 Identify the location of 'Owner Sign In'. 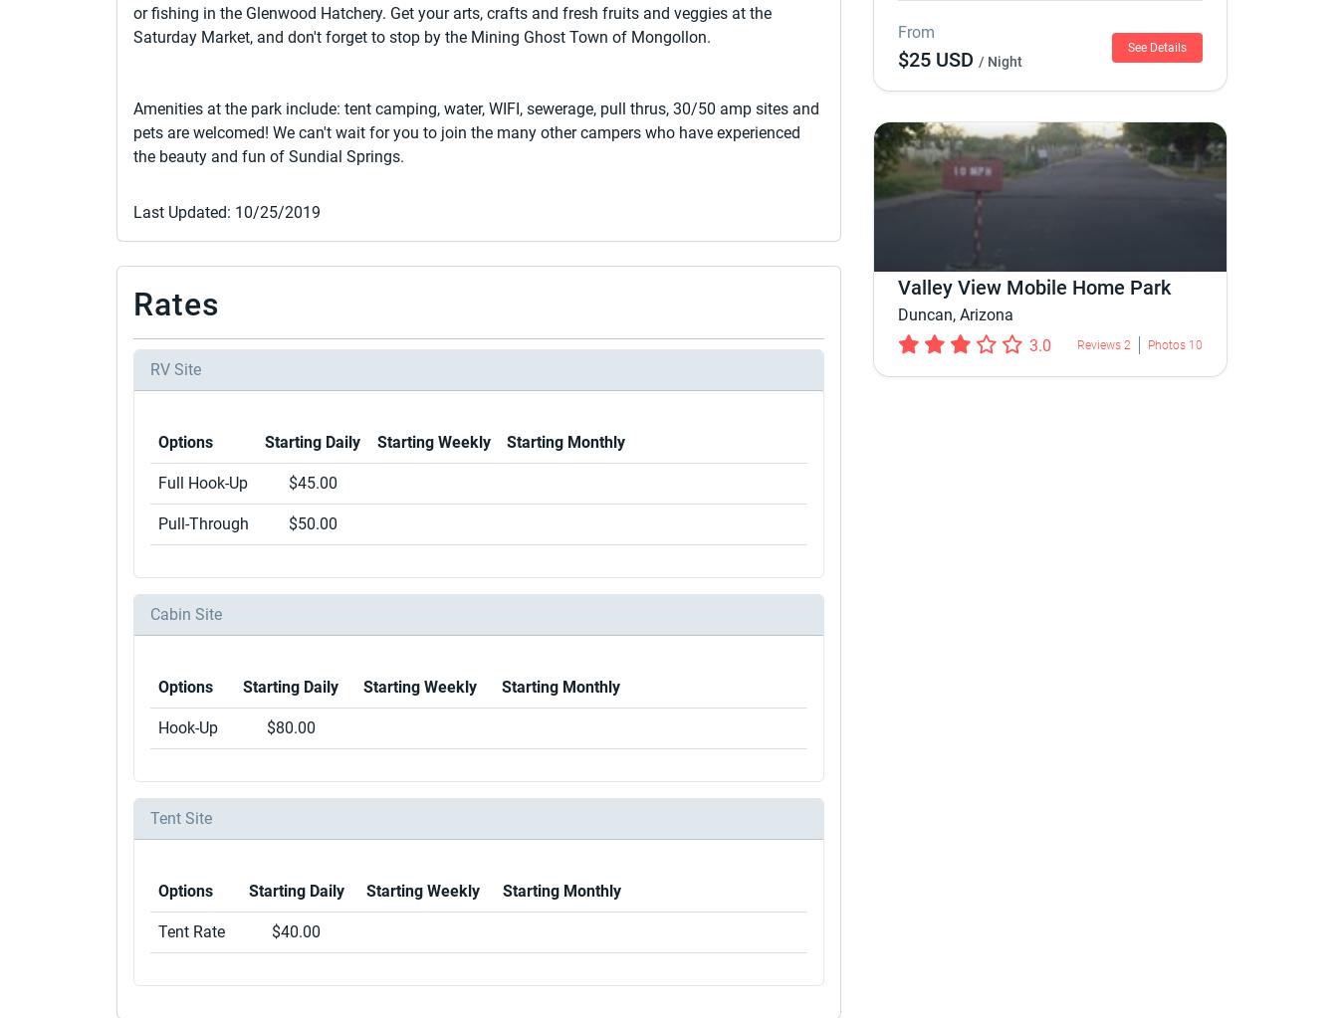
(845, 743).